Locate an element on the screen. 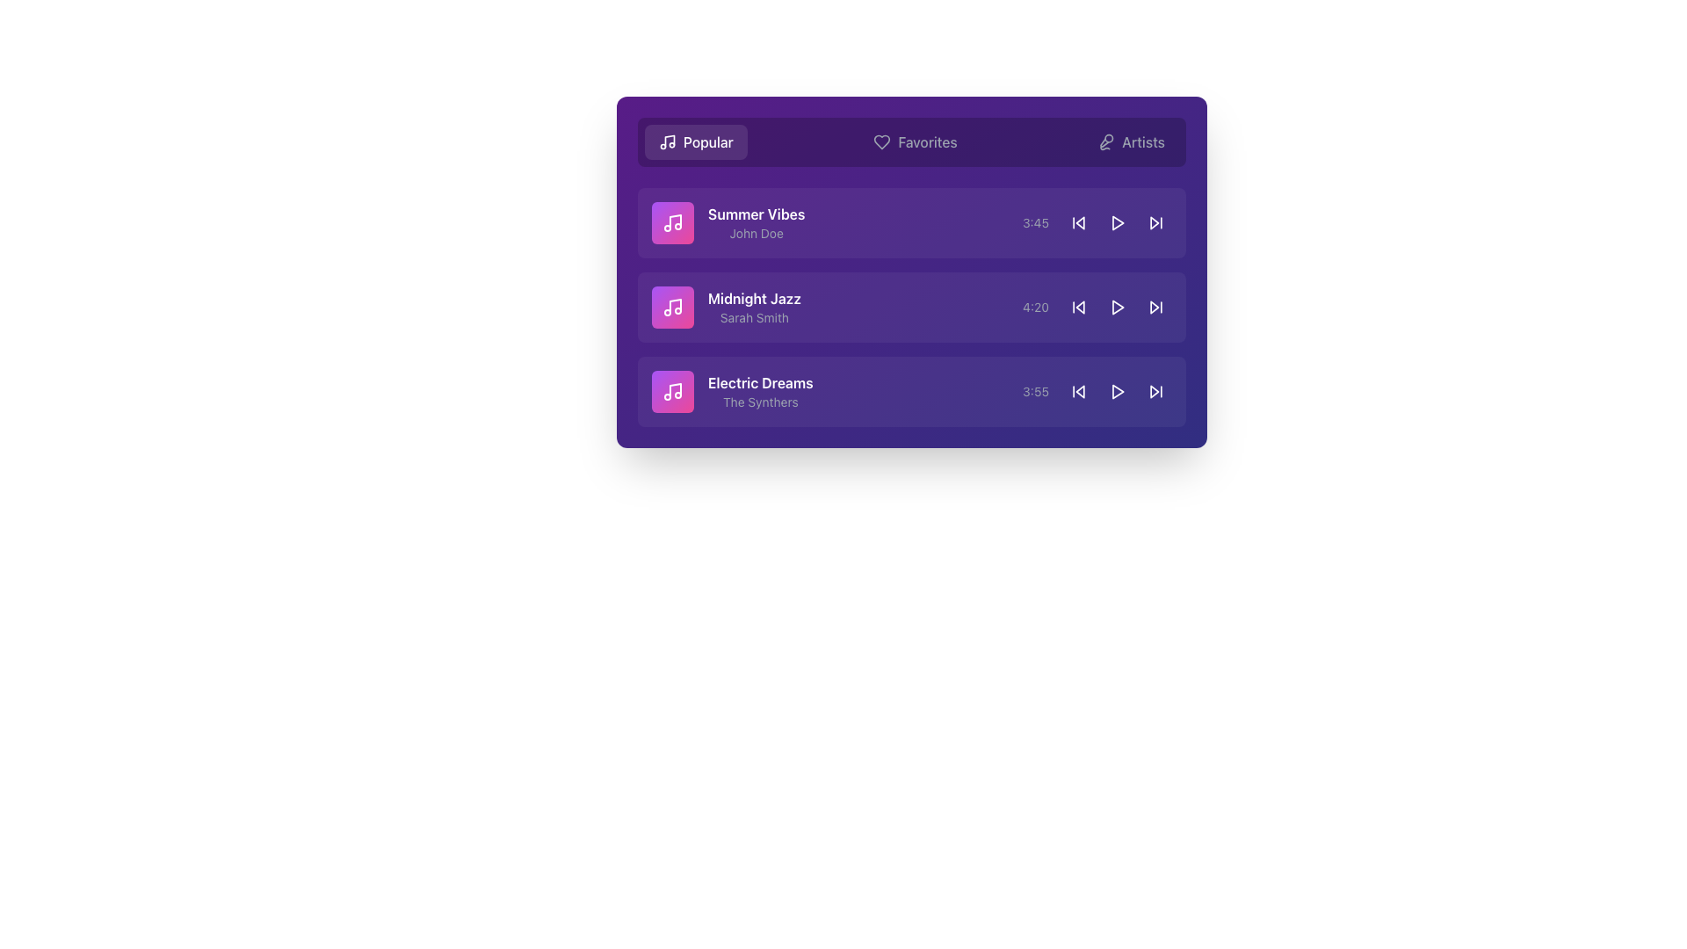 The width and height of the screenshot is (1687, 949). the third button in the row to skip to the next track in the playlist labeled 'Midnight Jazz' is located at coordinates (1155, 307).